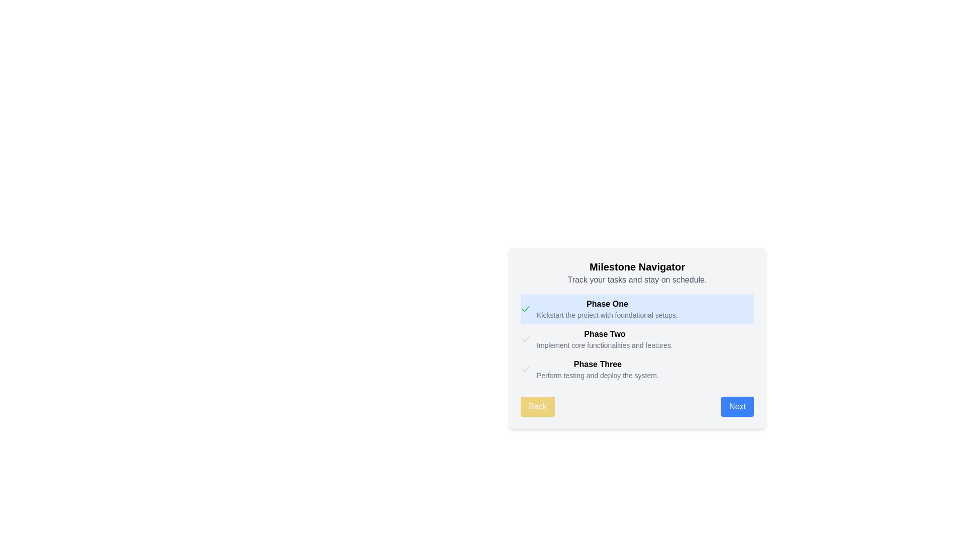 The height and width of the screenshot is (543, 965). What do you see at coordinates (525, 308) in the screenshot?
I see `the small green checkmark icon that indicates a successful action, located to the left of the 'Phase One' text label` at bounding box center [525, 308].